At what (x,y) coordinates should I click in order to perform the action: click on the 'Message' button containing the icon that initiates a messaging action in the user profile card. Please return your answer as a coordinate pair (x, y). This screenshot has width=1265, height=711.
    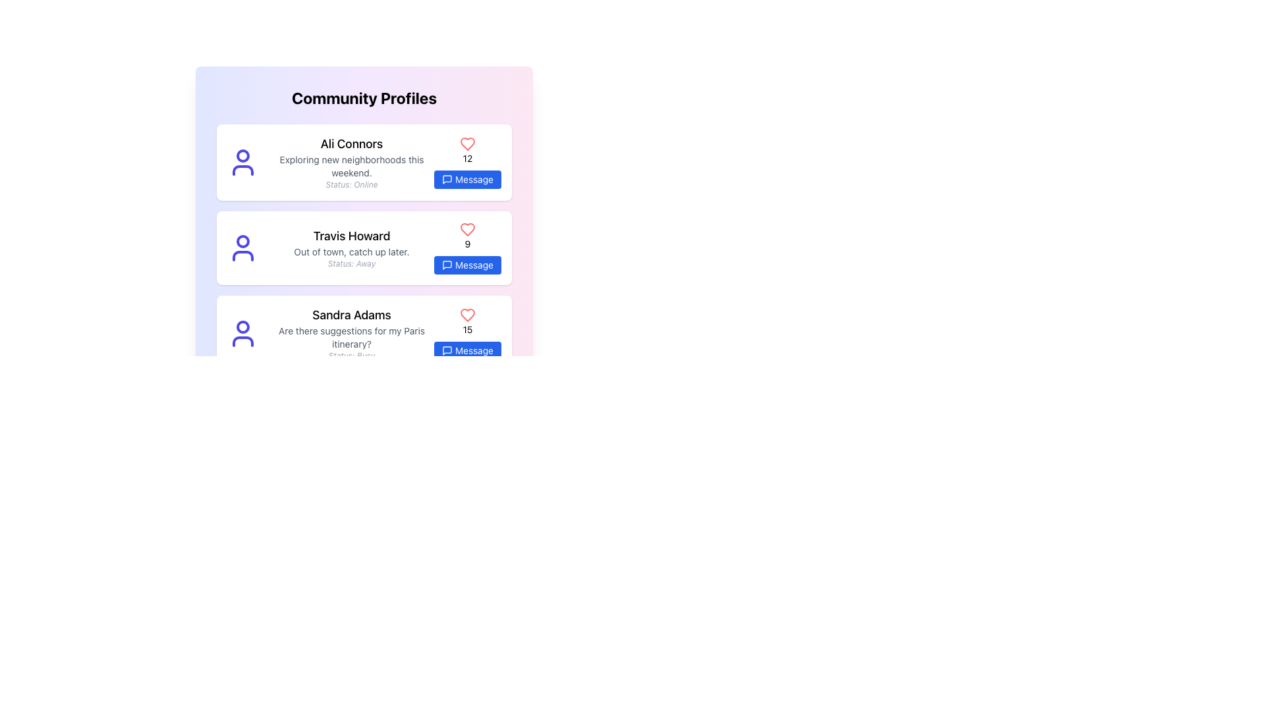
    Looking at the image, I should click on (447, 265).